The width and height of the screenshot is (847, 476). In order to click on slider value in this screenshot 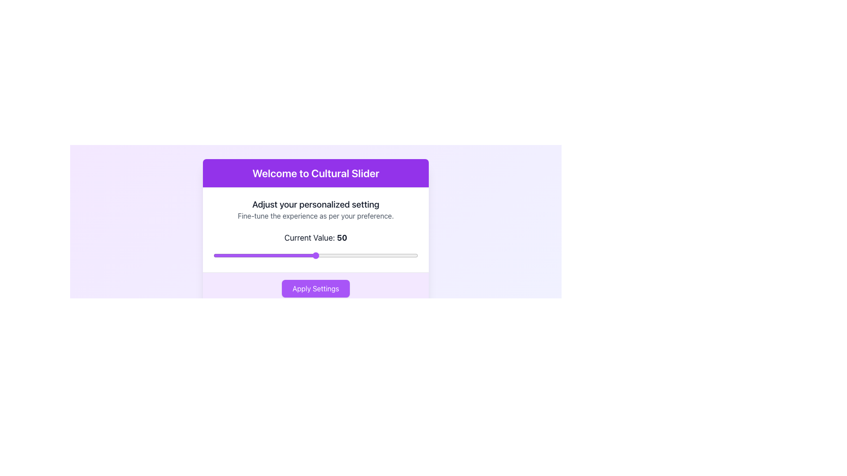, I will do `click(281, 255)`.